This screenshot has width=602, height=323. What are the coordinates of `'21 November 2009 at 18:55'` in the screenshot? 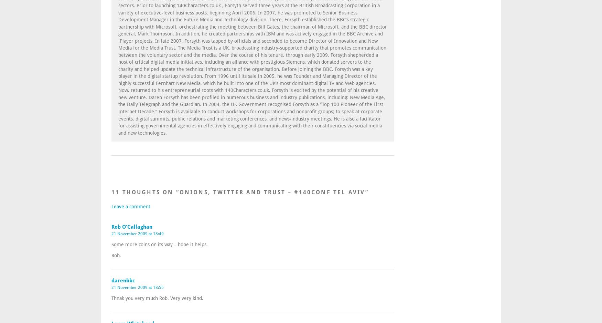 It's located at (137, 287).